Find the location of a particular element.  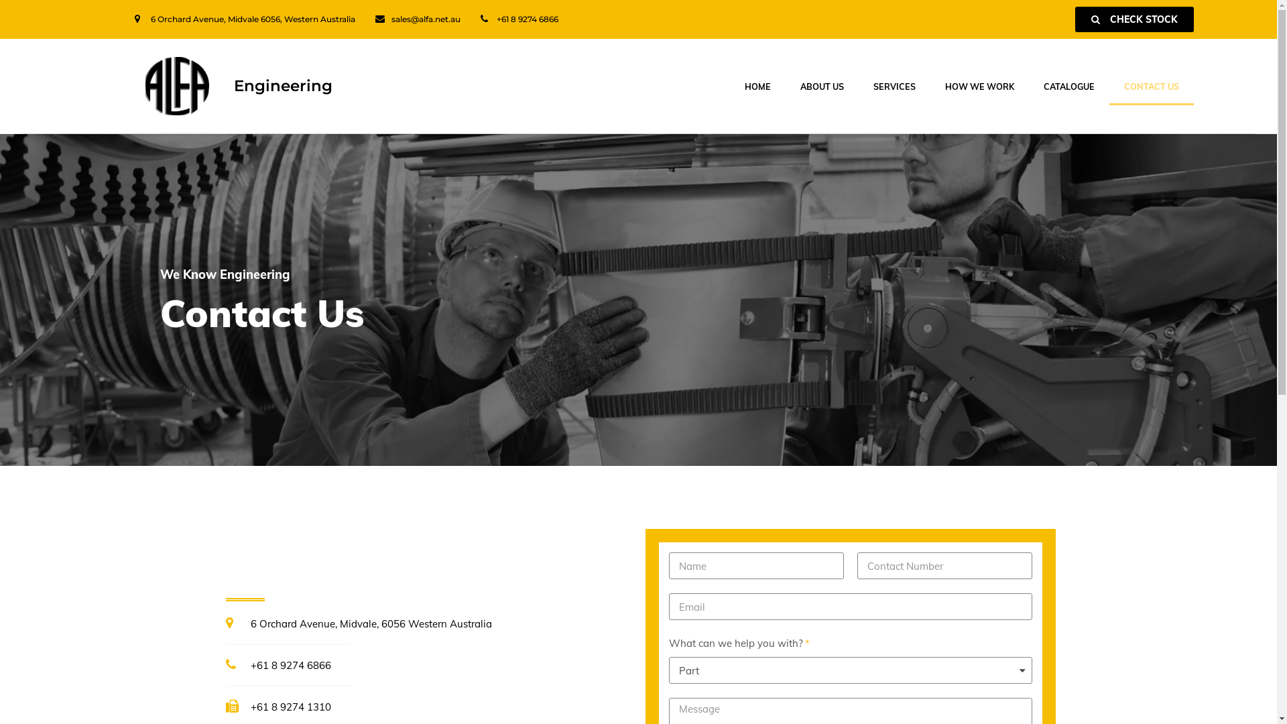

'ABOUT US' is located at coordinates (821, 85).